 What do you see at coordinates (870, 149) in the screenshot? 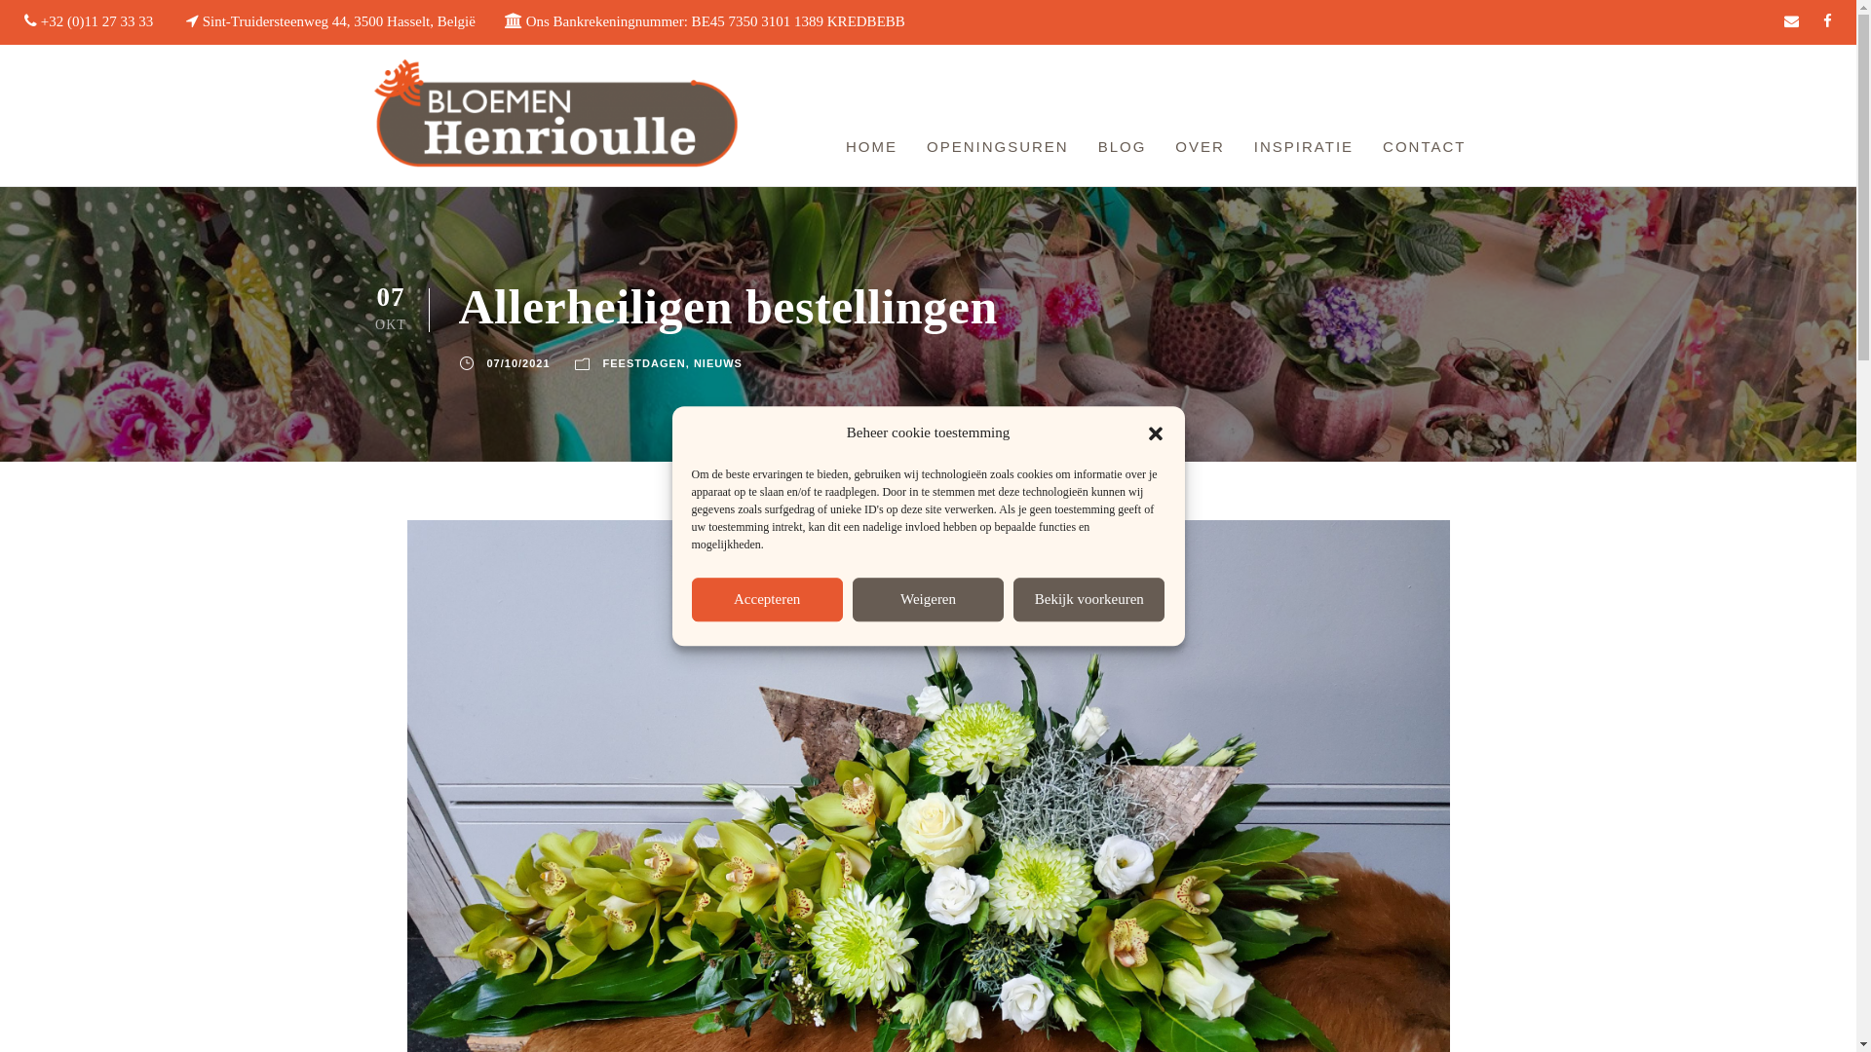
I see `'HOME'` at bounding box center [870, 149].